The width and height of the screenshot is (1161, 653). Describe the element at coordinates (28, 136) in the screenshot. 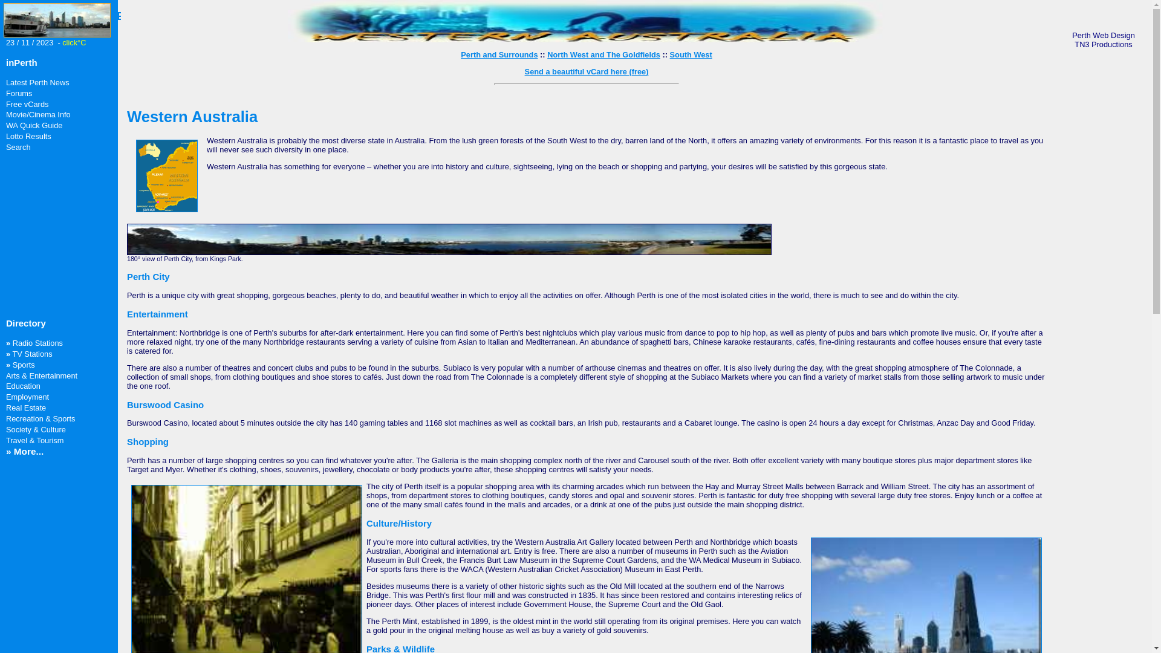

I see `'Lotto Results'` at that location.